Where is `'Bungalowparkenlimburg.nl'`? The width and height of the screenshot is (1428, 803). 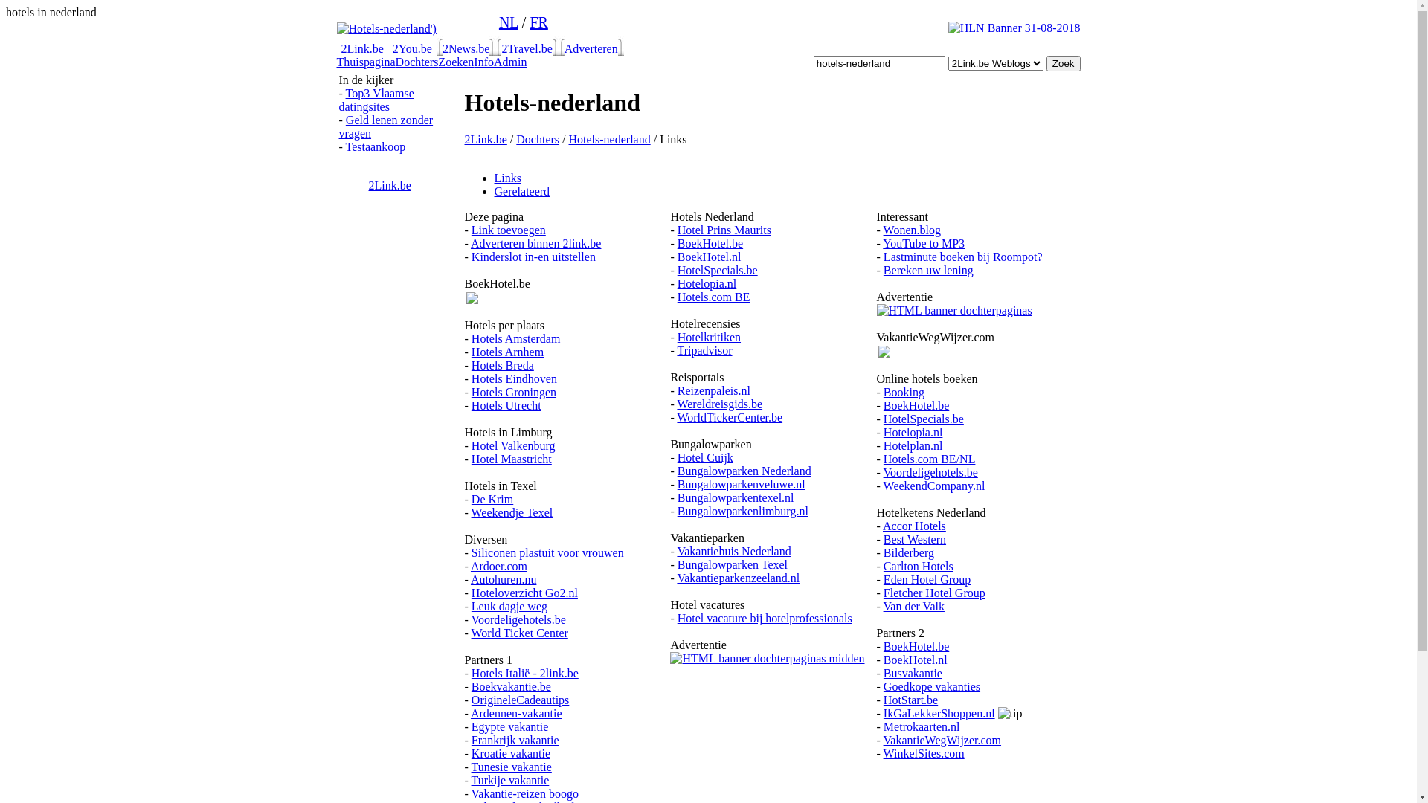 'Bungalowparkenlimburg.nl' is located at coordinates (742, 510).